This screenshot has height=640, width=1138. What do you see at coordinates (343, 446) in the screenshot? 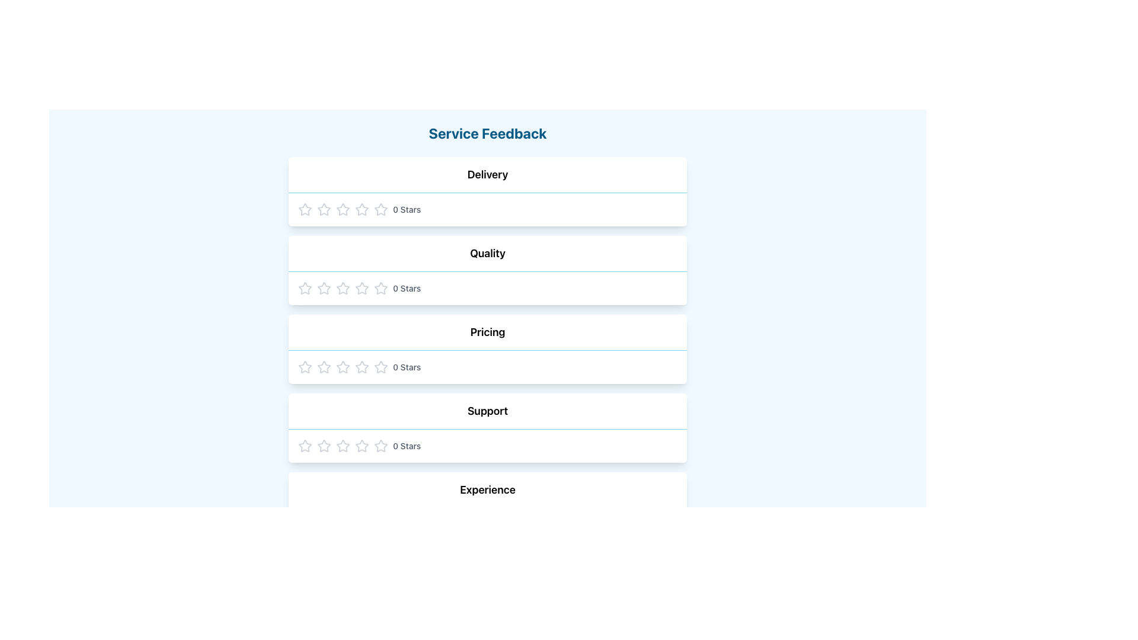
I see `the first star in the 'Support' rating section to indicate interactivity` at bounding box center [343, 446].